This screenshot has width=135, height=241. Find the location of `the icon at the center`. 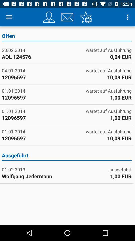

the icon at the center is located at coordinates (67, 156).